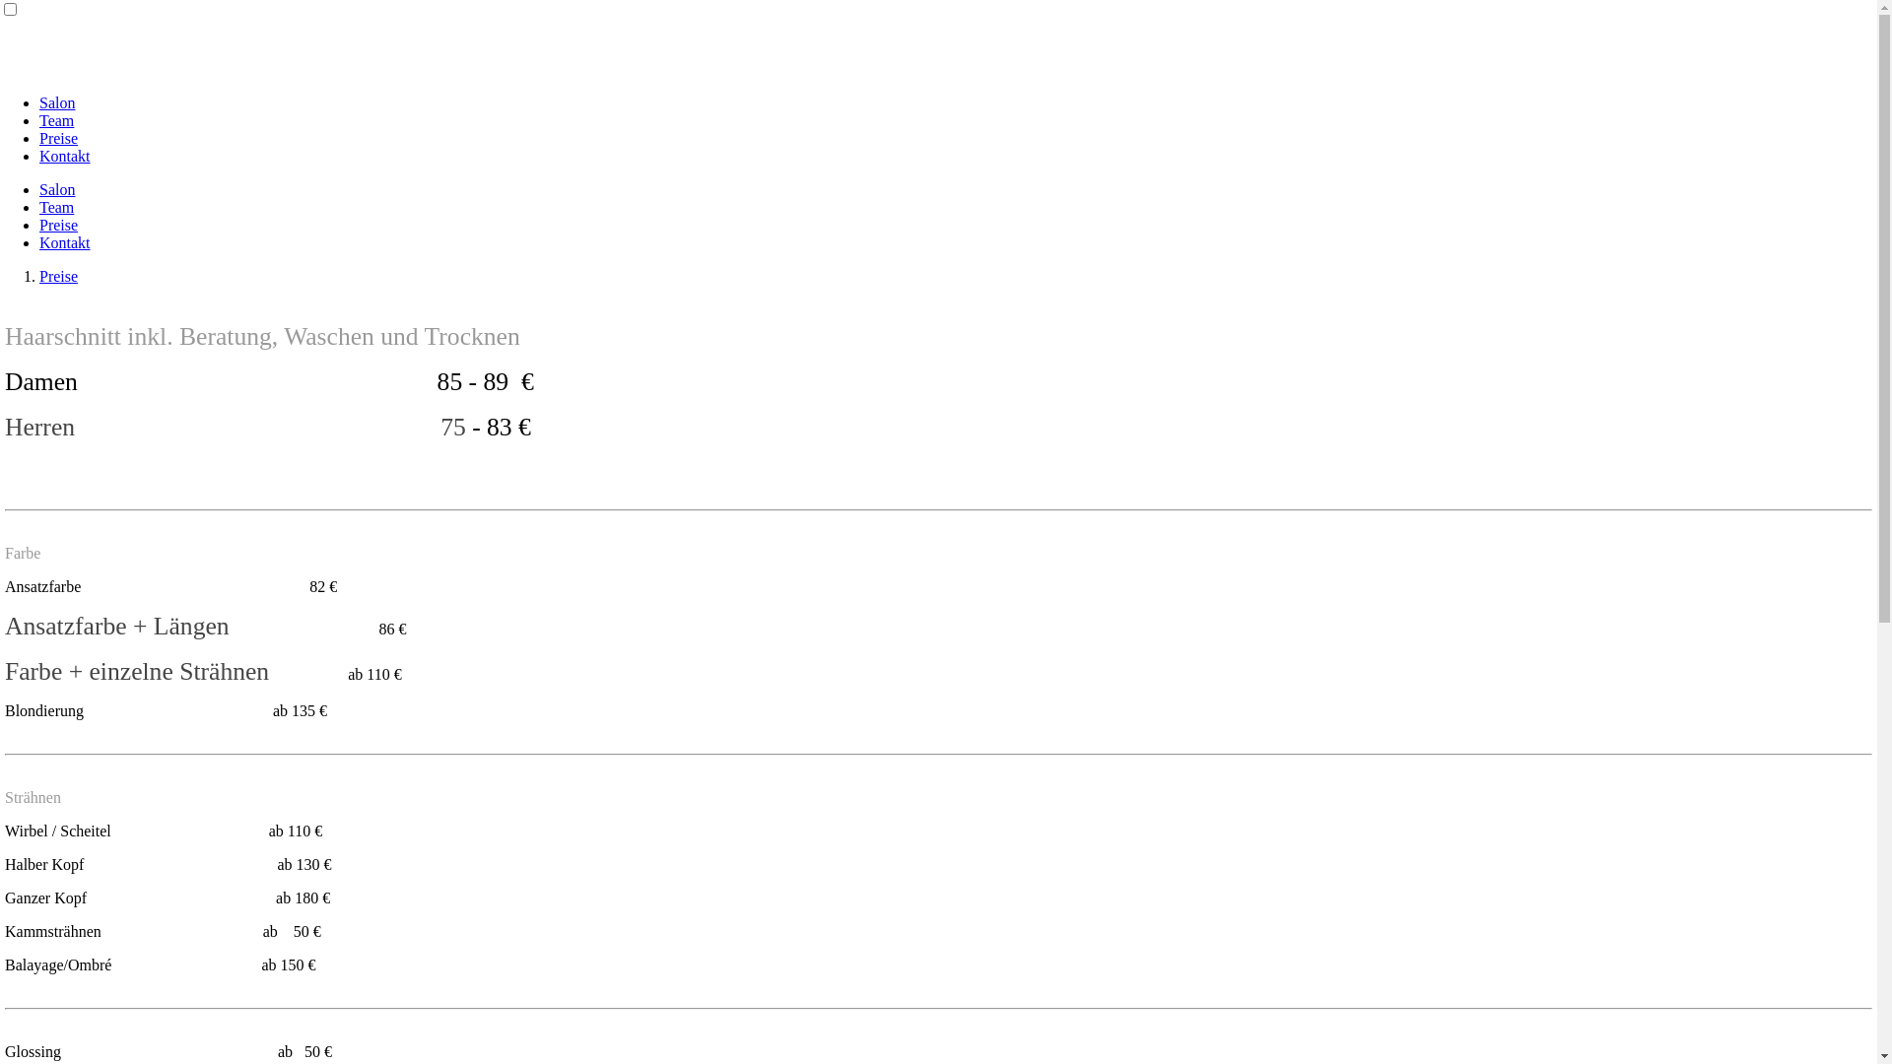  I want to click on 'Salon', so click(56, 189).